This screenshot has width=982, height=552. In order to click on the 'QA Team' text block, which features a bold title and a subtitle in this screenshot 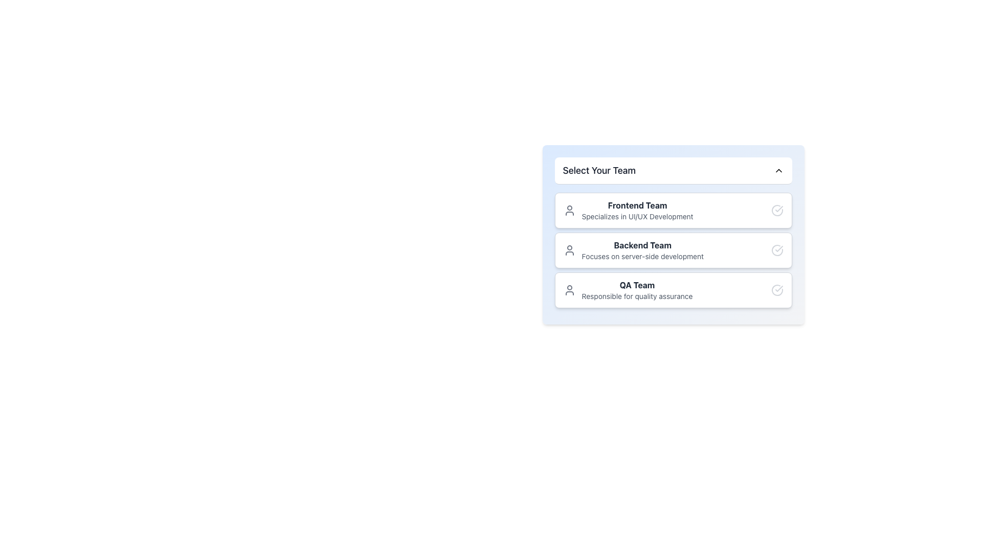, I will do `click(628, 290)`.